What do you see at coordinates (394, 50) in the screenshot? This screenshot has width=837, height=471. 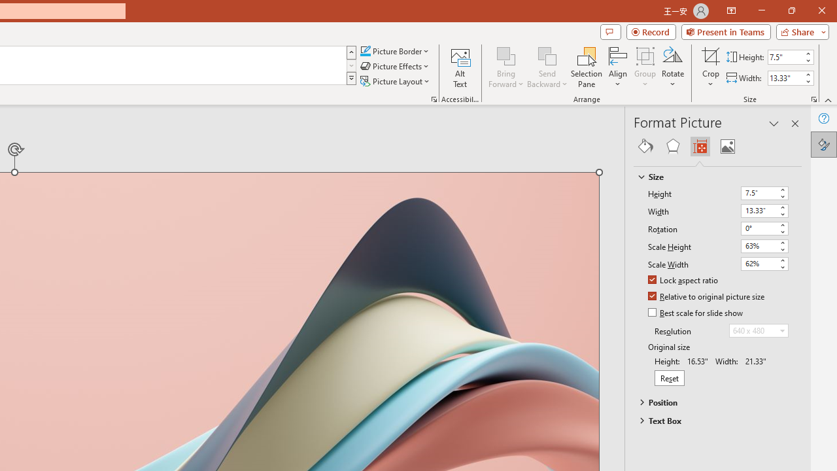 I see `'Picture Border'` at bounding box center [394, 50].